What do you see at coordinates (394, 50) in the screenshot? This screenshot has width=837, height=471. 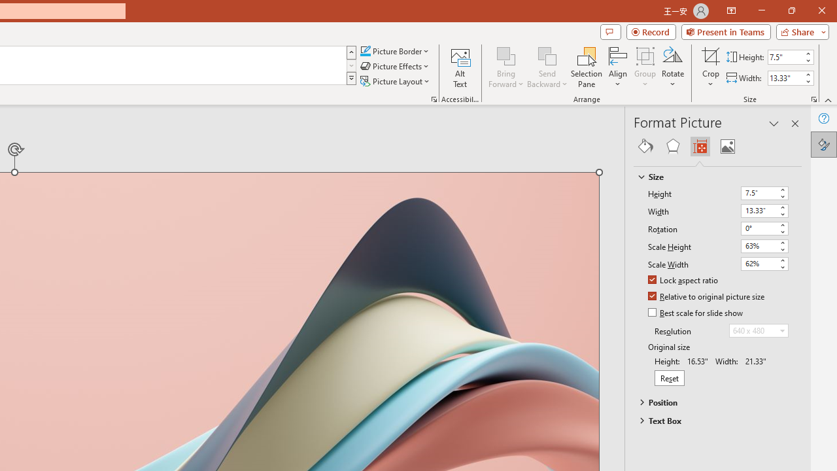 I see `'Picture Border'` at bounding box center [394, 50].